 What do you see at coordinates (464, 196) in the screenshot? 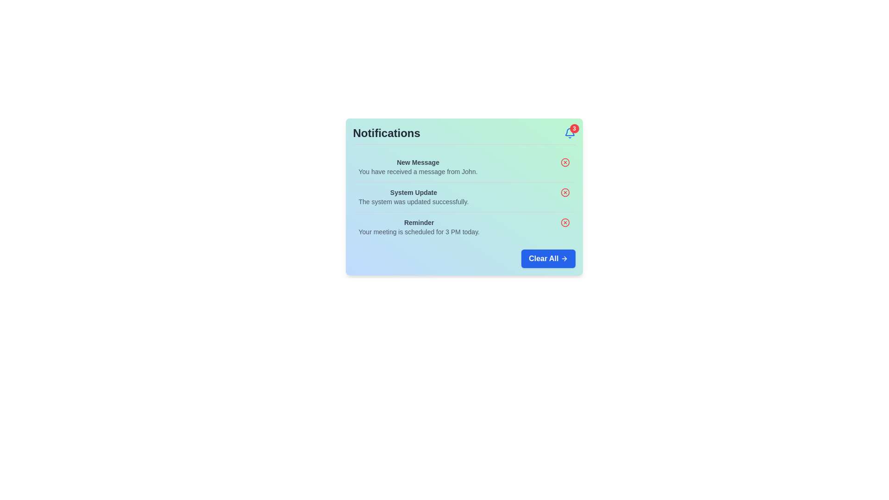
I see `the notification items within the Notification Card that features a gradient background from green to blue, displaying bold titles and body text` at bounding box center [464, 196].